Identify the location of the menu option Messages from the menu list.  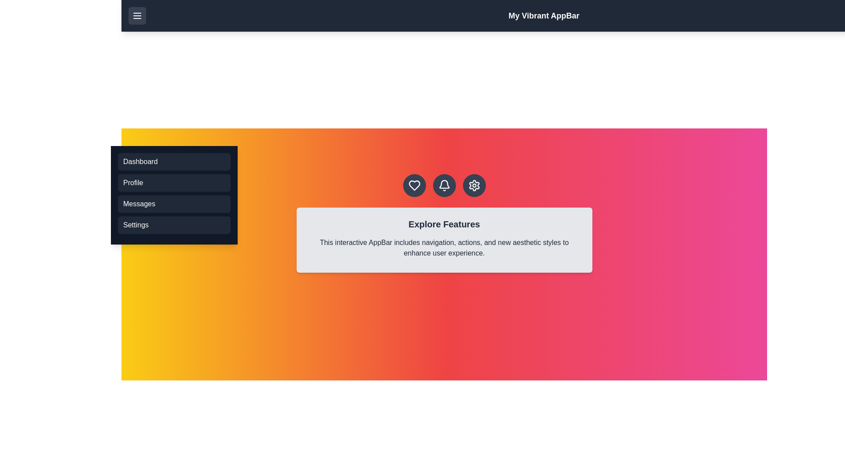
(174, 204).